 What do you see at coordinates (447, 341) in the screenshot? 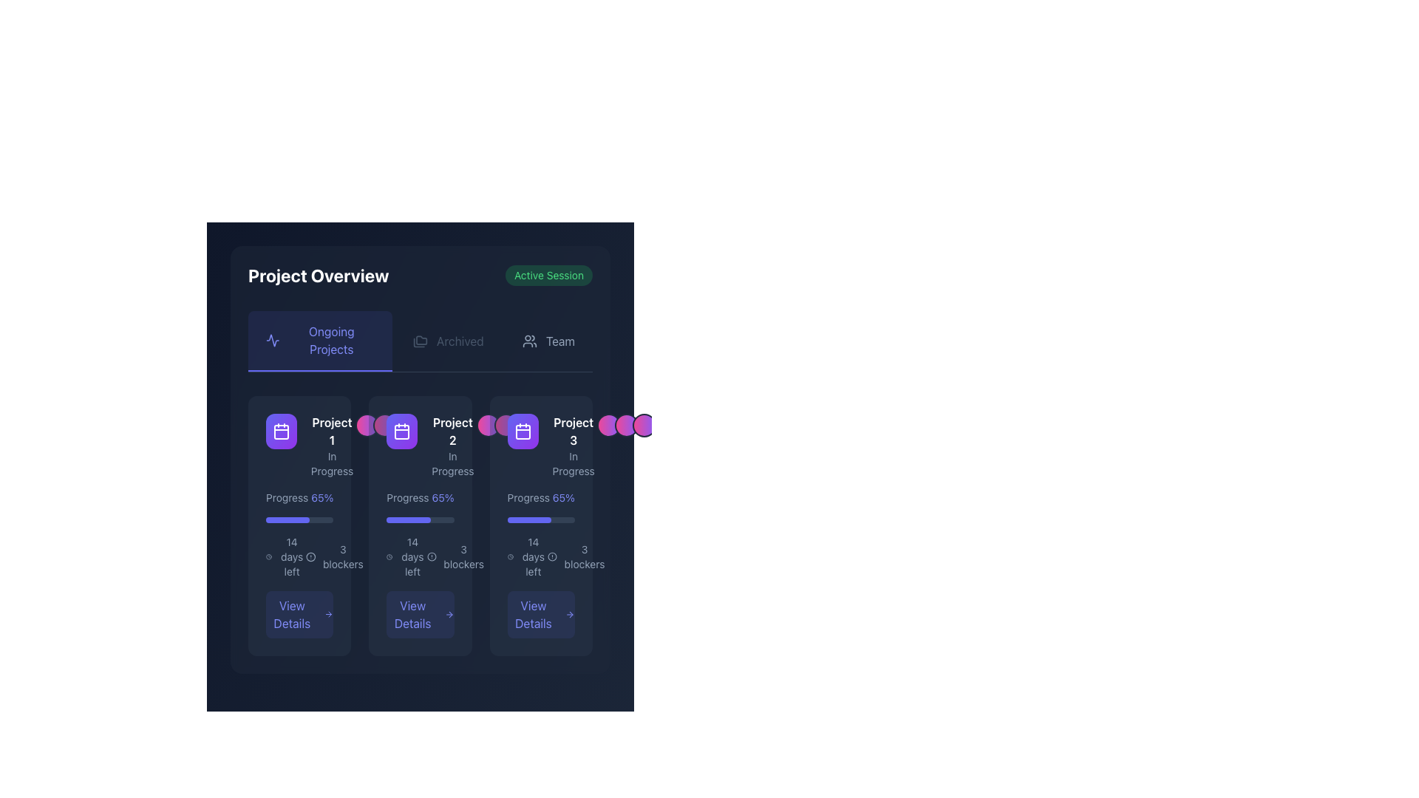
I see `the 'Archived' button, which is the second button in a group of three, featuring a folder icon and labeled 'Archived'` at bounding box center [447, 341].